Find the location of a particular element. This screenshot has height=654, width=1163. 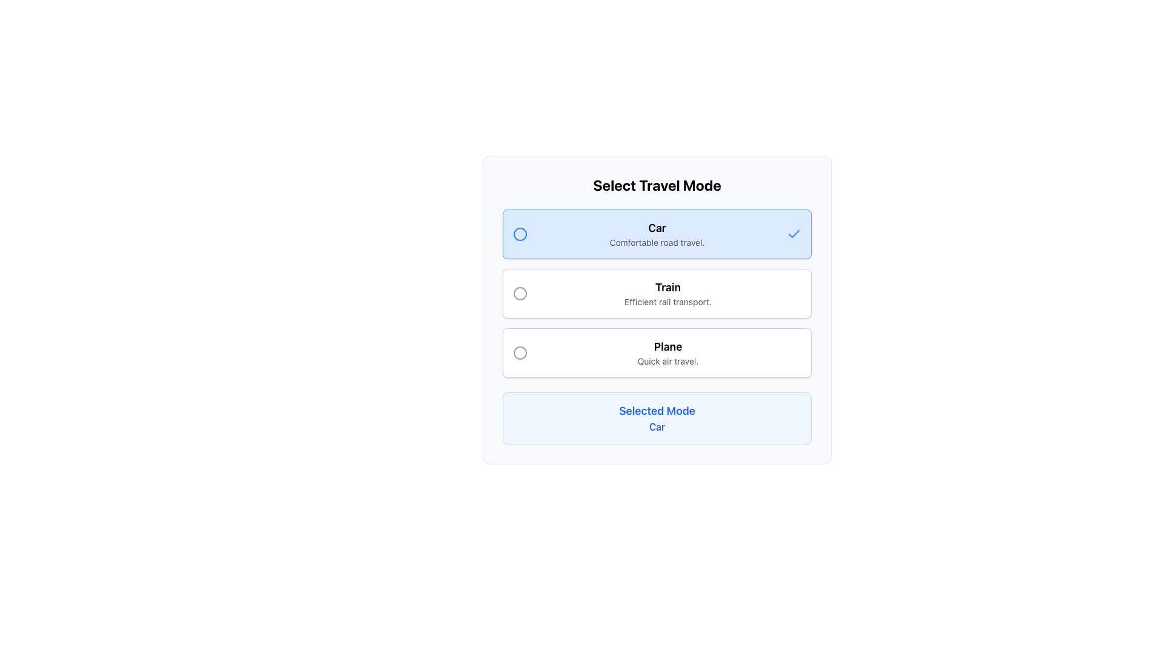

the 'Car' text label, which is displayed in blue and located below the 'Selected Mode' label in a light blue rectangular section is located at coordinates (656, 426).